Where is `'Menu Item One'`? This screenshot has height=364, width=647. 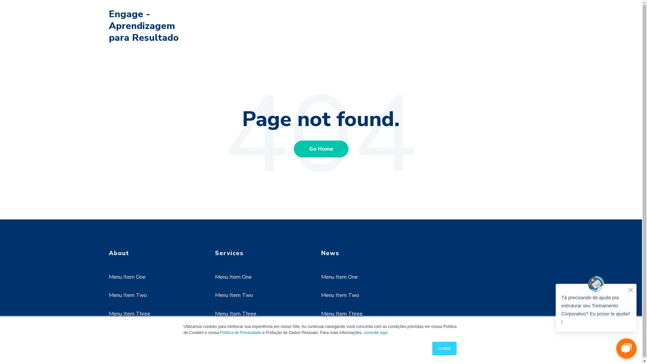 'Menu Item One' is located at coordinates (233, 277).